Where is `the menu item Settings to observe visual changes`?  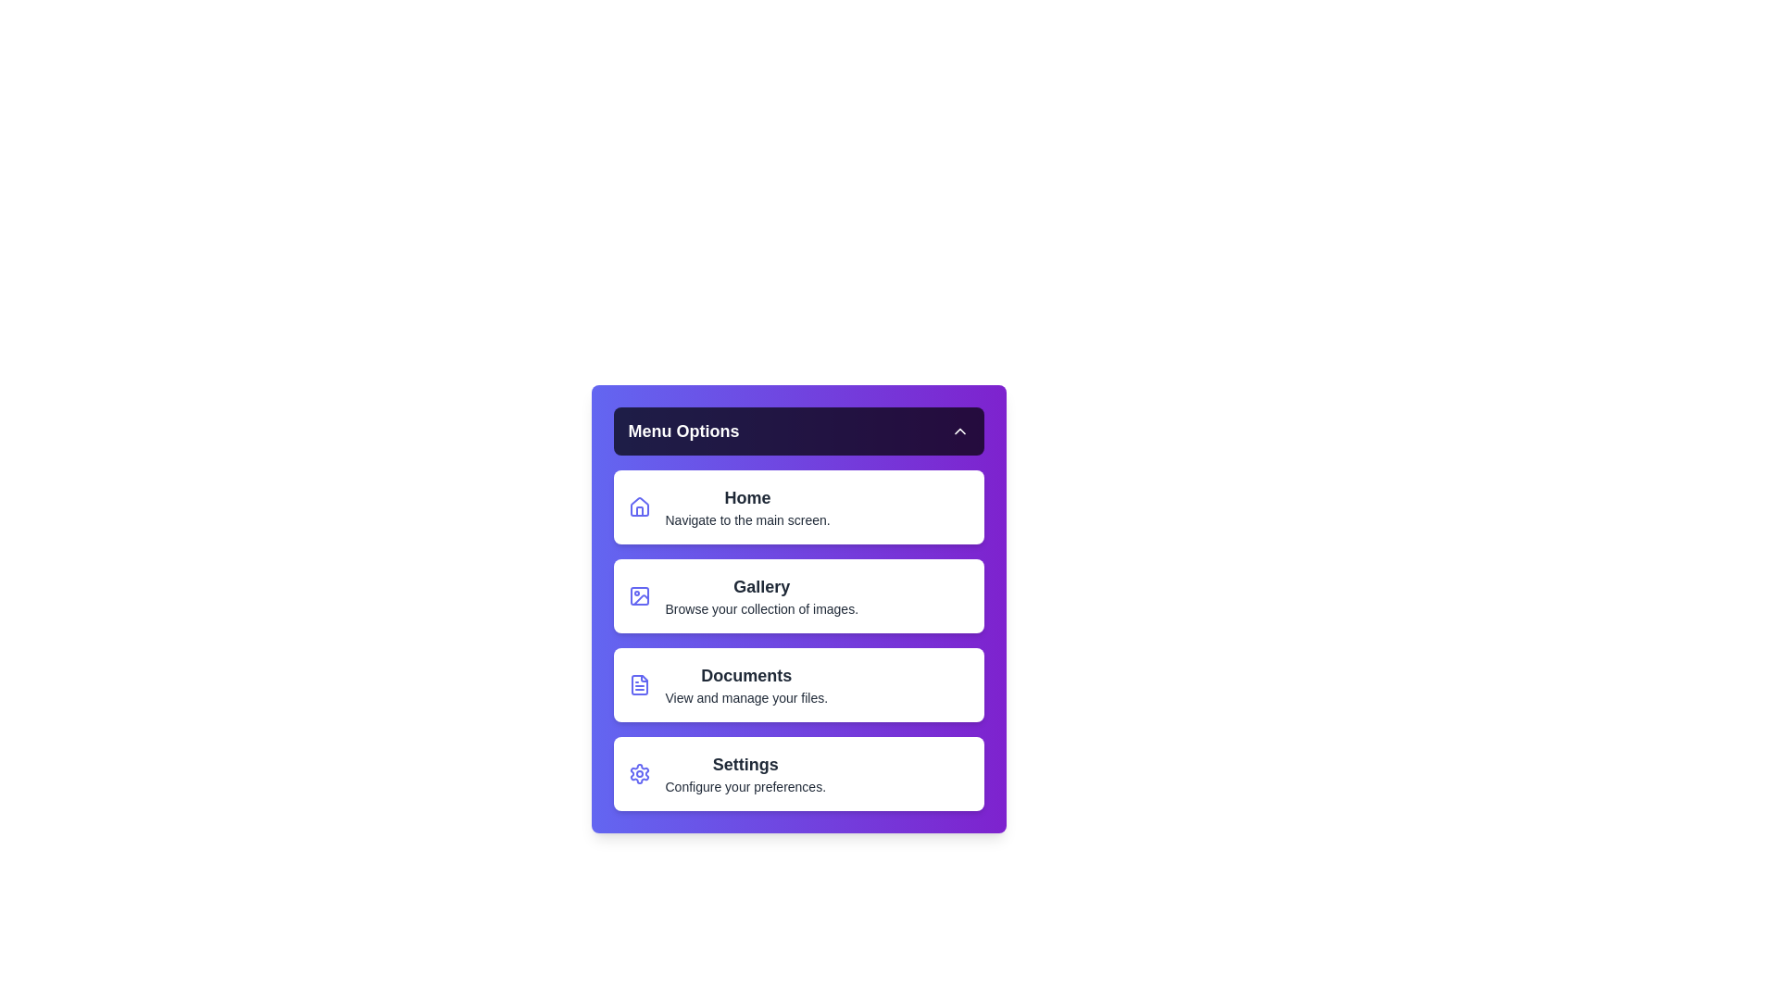
the menu item Settings to observe visual changes is located at coordinates (798, 774).